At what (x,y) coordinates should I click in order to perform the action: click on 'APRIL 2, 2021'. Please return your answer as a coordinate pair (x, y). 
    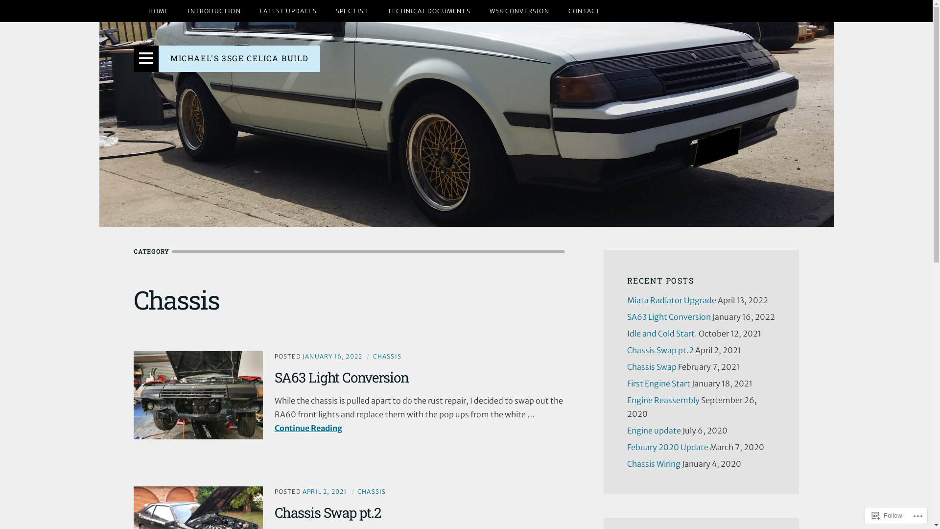
    Looking at the image, I should click on (325, 491).